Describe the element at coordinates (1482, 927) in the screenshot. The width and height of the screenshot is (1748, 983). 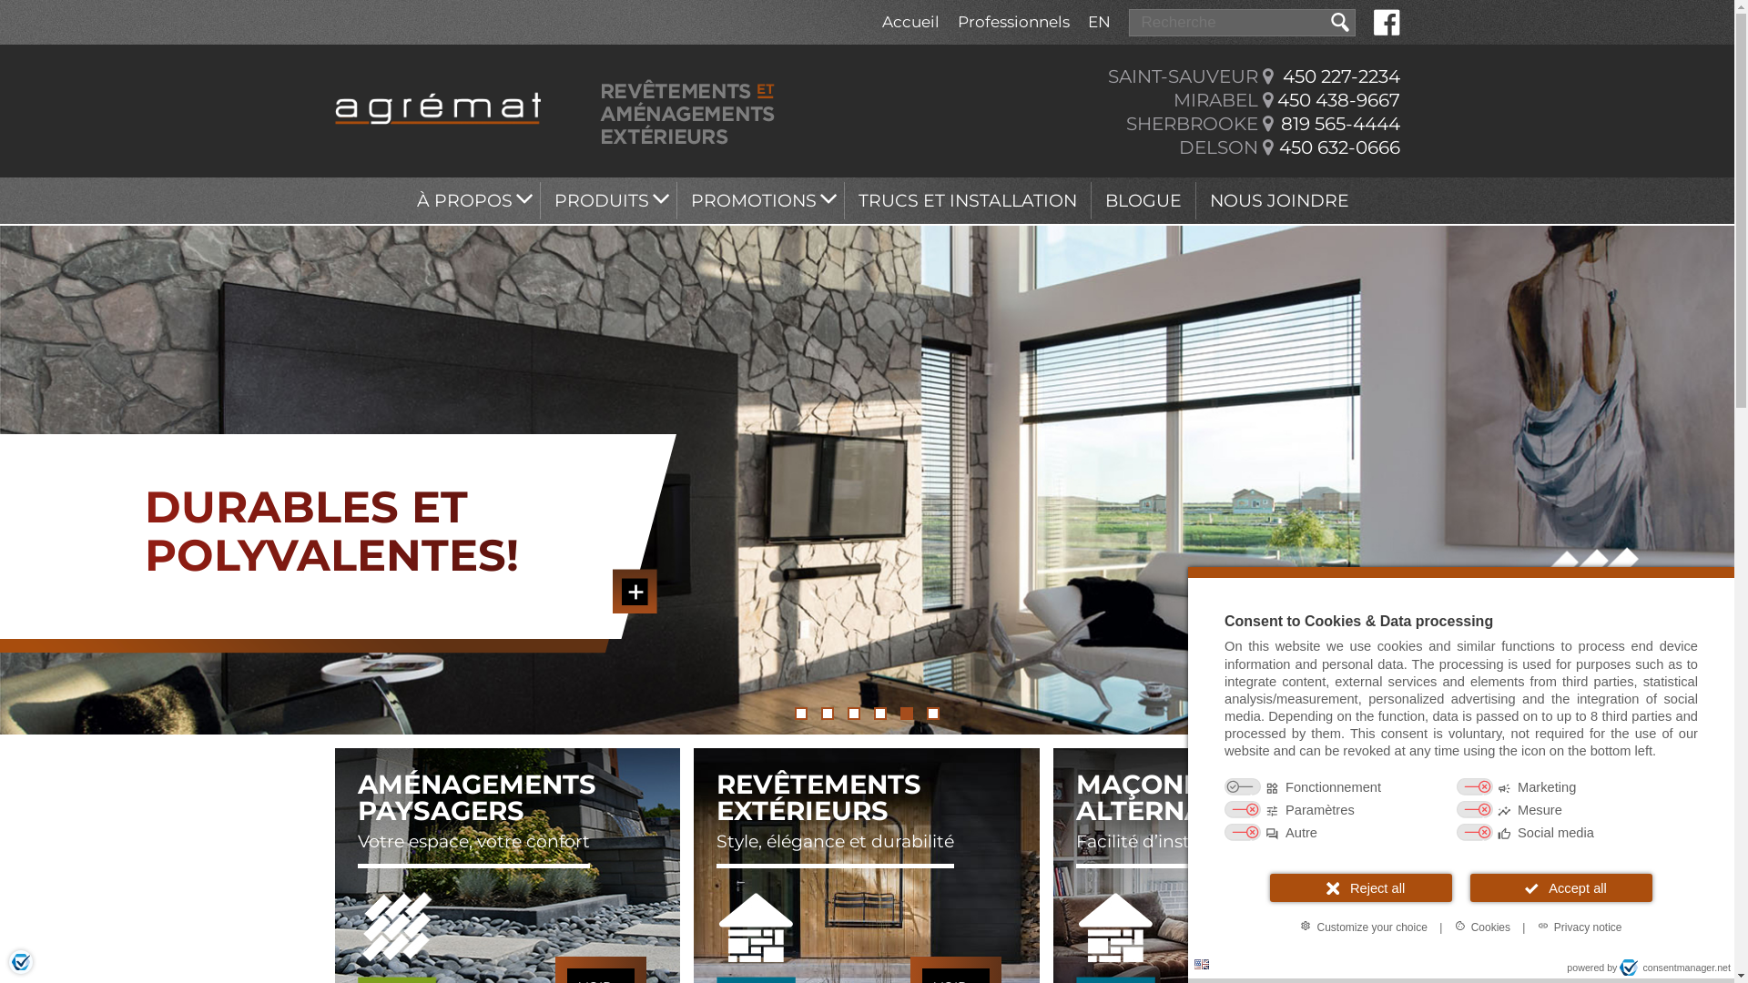
I see `'Cookies'` at that location.